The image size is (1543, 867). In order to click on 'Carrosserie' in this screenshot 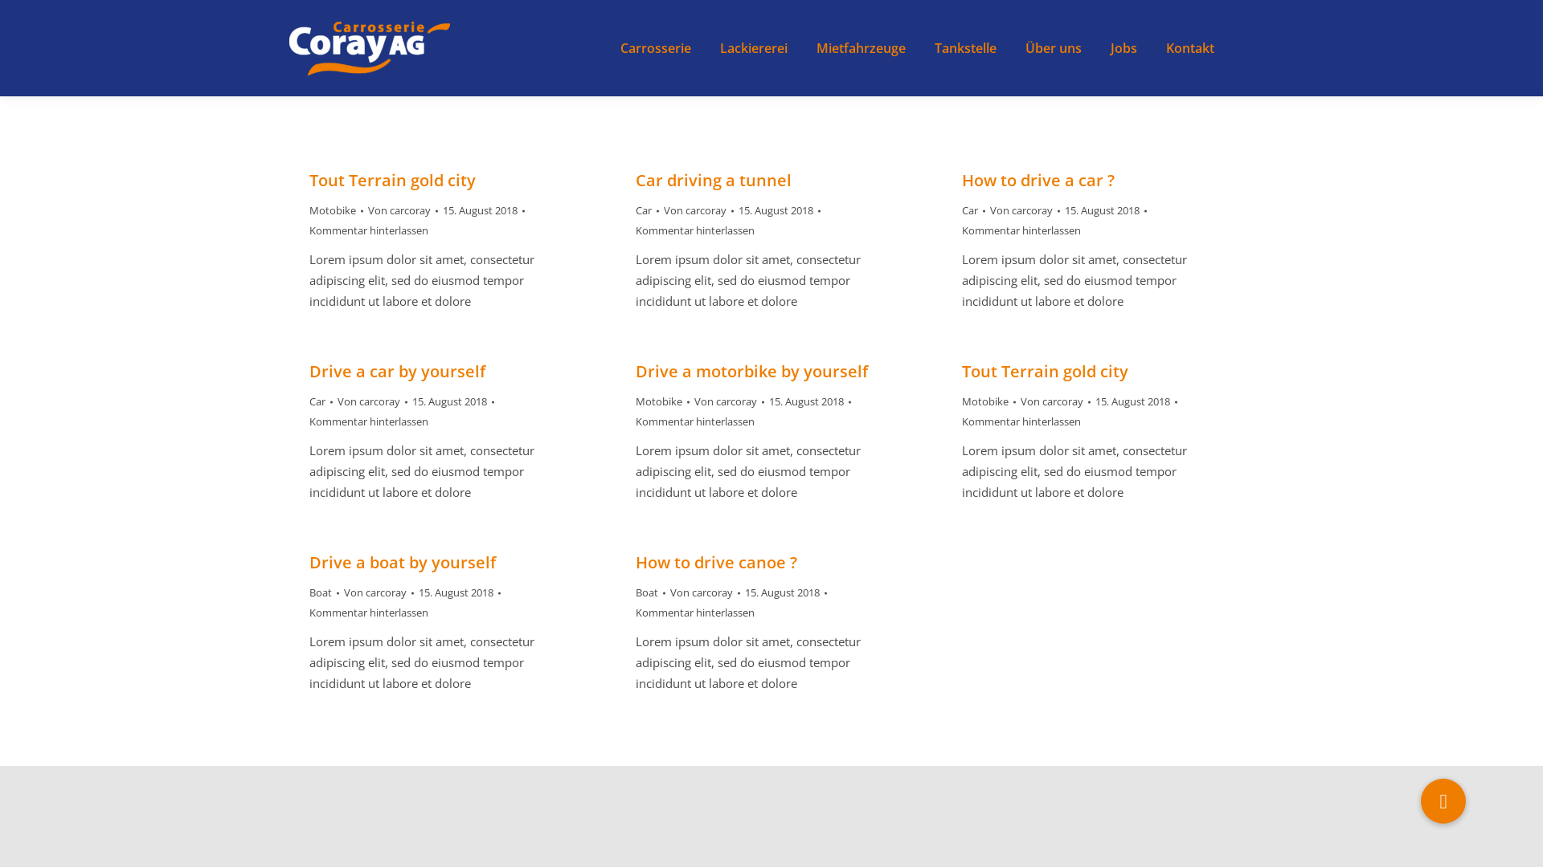, I will do `click(656, 47)`.